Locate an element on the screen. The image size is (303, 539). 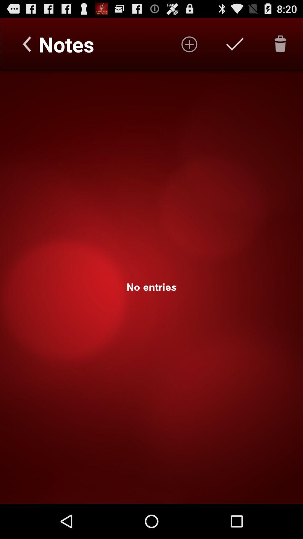
delete note is located at coordinates (280, 44).